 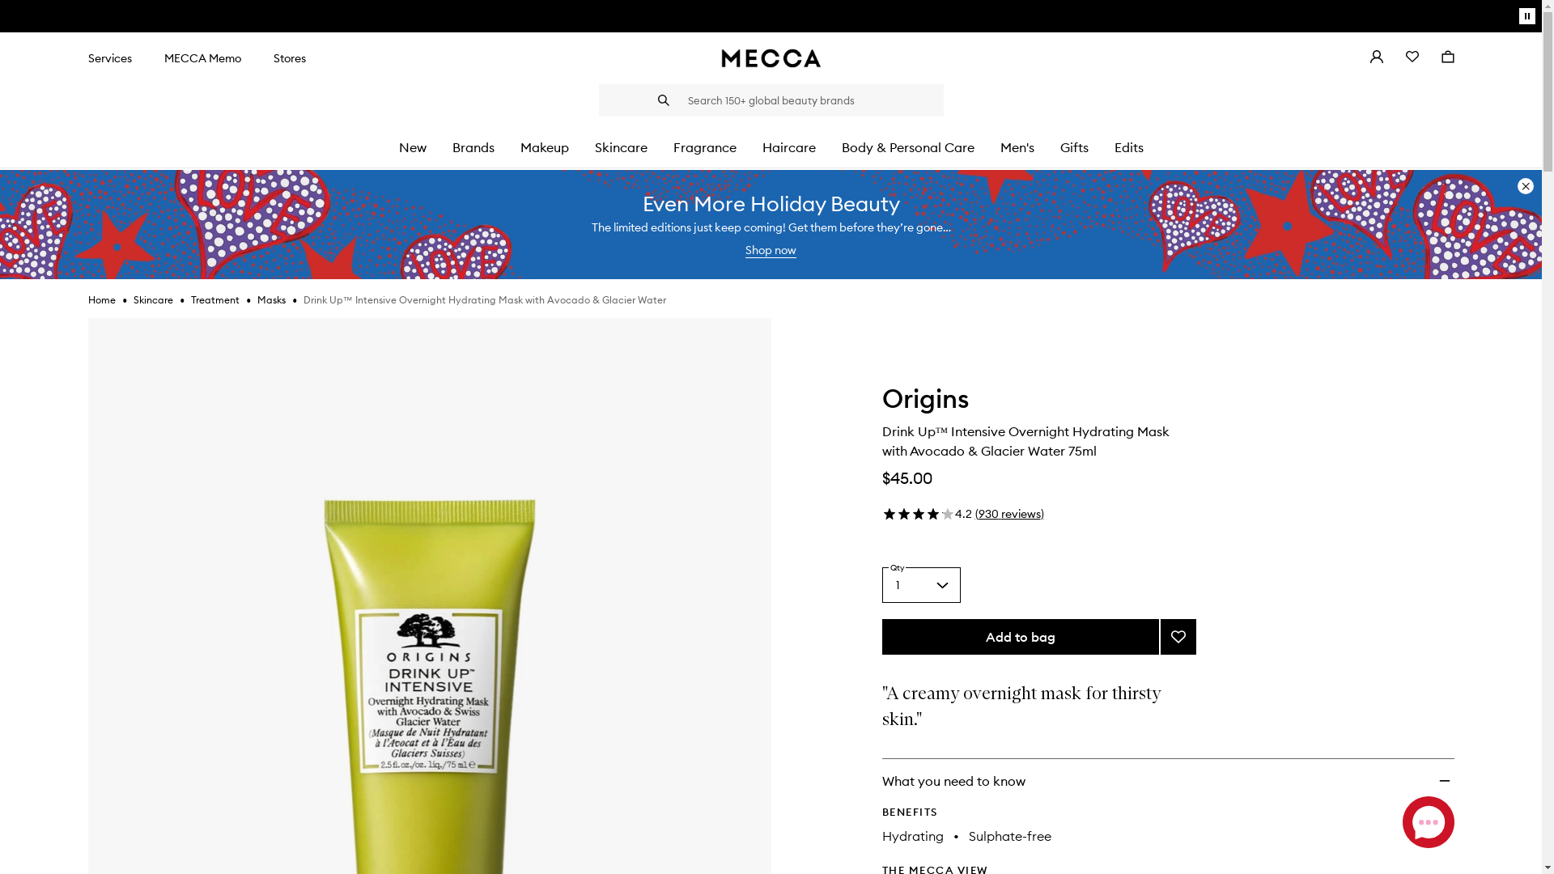 I want to click on 'Services', so click(x=108, y=57).